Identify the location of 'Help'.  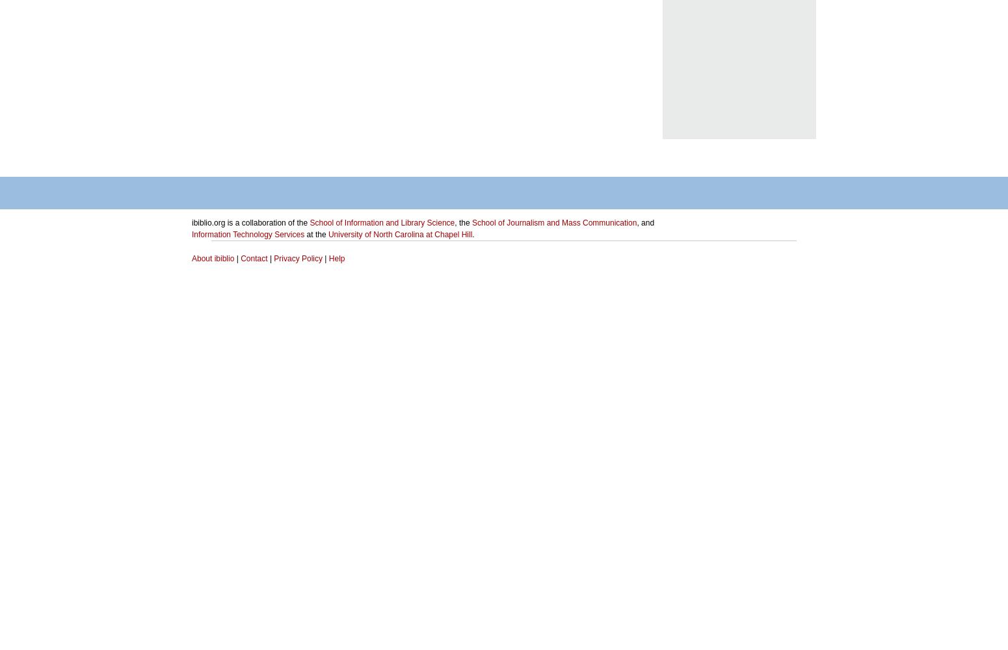
(336, 259).